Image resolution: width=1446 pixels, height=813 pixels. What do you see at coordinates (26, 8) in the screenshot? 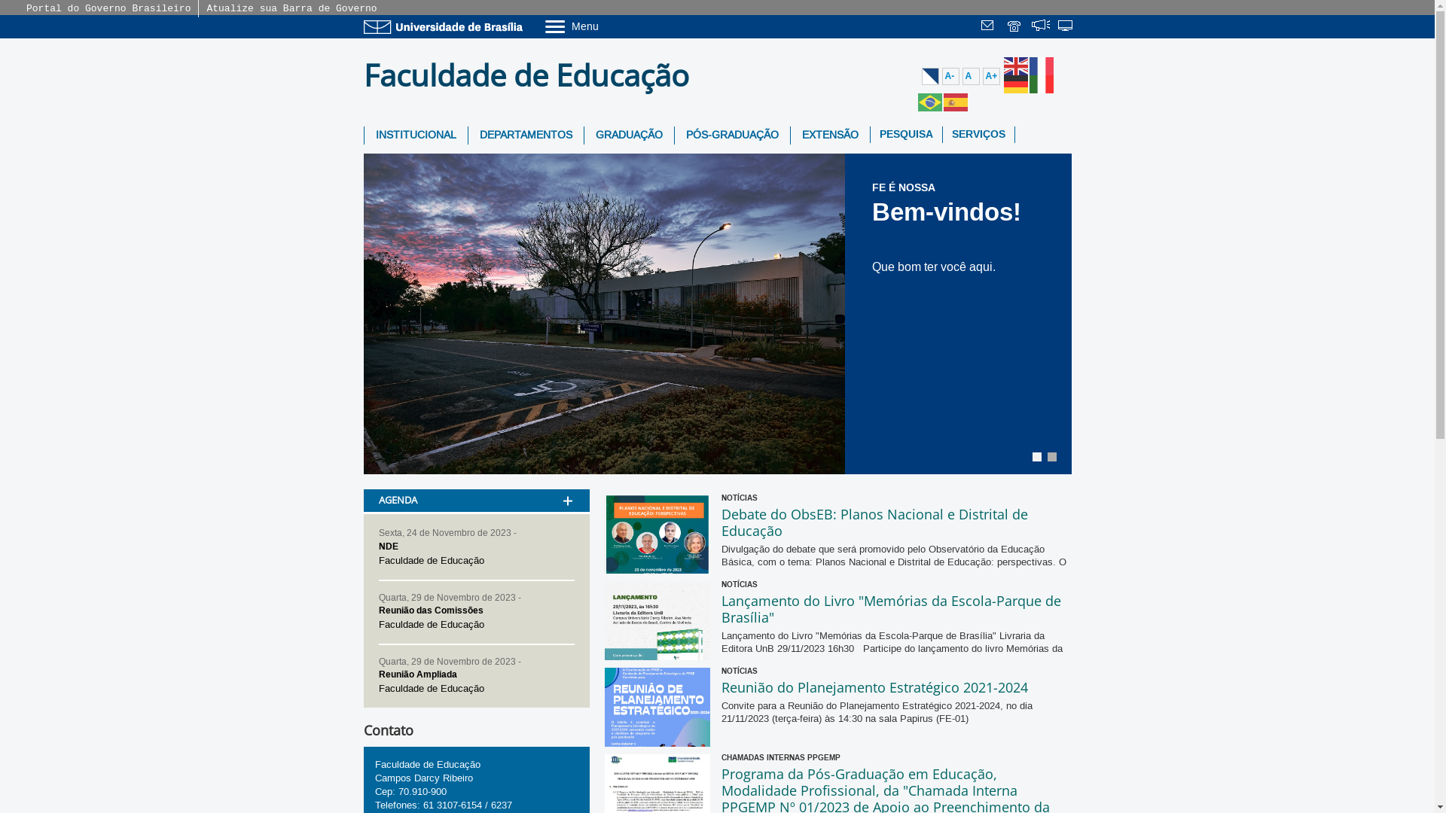
I see `'Portal do Governo Brasileiro'` at bounding box center [26, 8].